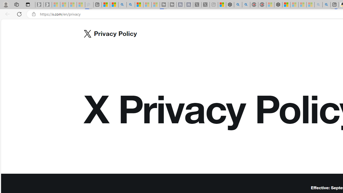 The width and height of the screenshot is (343, 193). What do you see at coordinates (33, 14) in the screenshot?
I see `'View site information'` at bounding box center [33, 14].